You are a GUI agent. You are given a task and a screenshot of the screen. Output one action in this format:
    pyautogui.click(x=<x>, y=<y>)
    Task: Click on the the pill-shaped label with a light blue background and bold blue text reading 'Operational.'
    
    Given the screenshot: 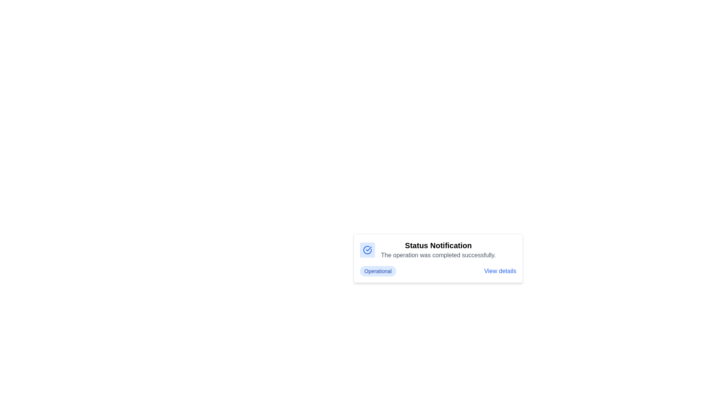 What is the action you would take?
    pyautogui.click(x=378, y=270)
    